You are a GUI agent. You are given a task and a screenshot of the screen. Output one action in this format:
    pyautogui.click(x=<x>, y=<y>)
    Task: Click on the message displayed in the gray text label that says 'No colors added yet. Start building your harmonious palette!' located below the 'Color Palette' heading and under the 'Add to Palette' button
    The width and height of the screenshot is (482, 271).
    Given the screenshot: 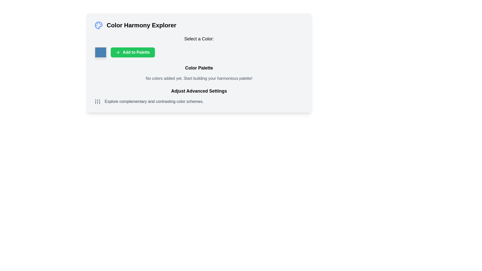 What is the action you would take?
    pyautogui.click(x=199, y=78)
    